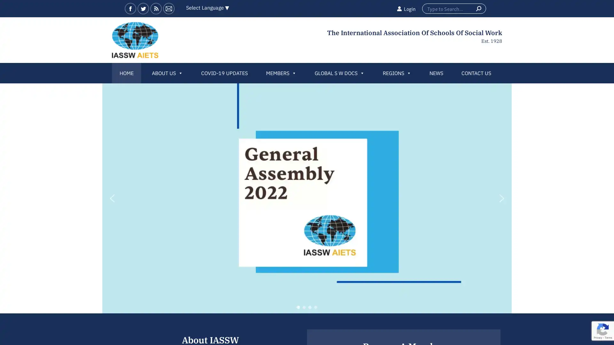 This screenshot has width=614, height=345. I want to click on Final_Call for Abstracts_header, so click(303, 307).